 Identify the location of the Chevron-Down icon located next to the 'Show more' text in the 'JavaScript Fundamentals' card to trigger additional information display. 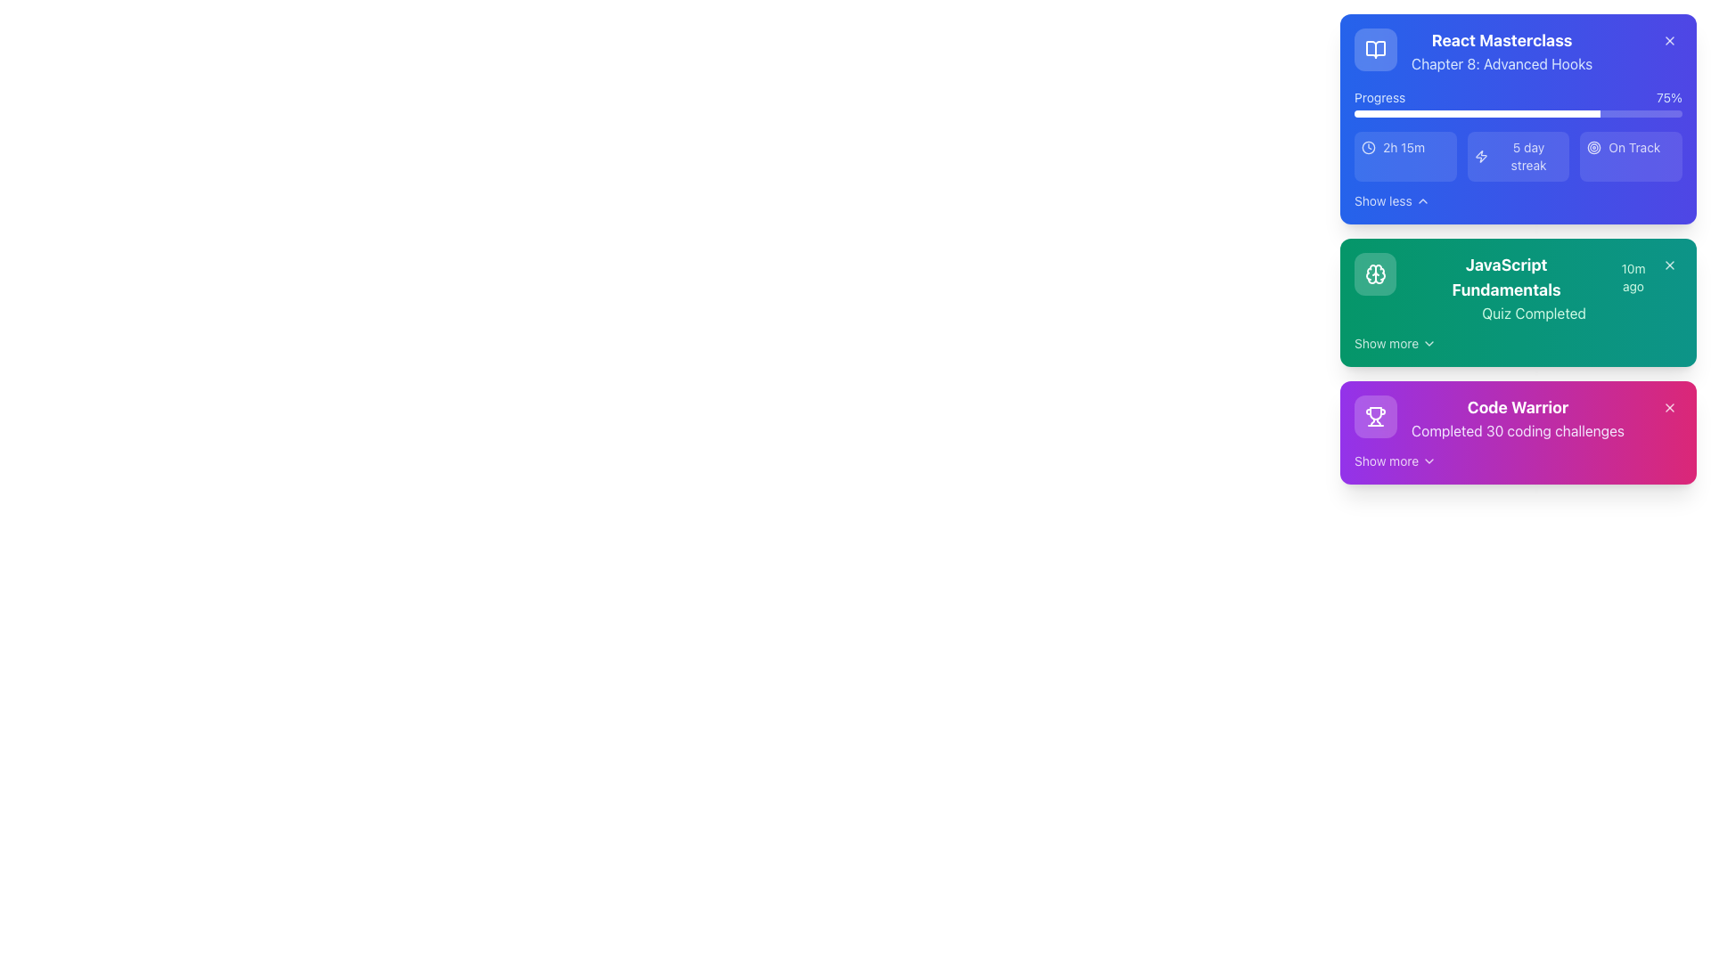
(1429, 343).